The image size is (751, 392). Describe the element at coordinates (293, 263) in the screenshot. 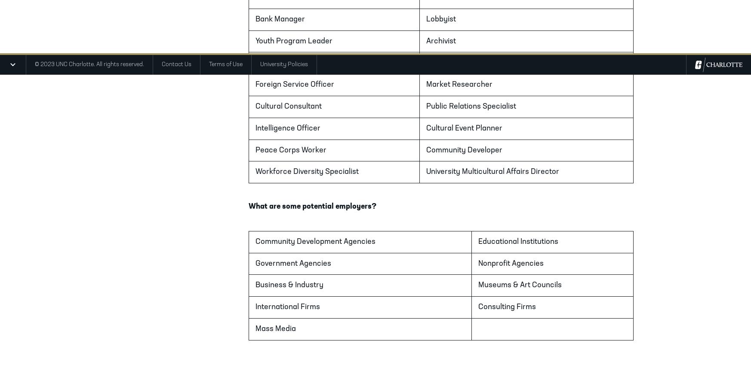

I see `'Government Agencies'` at that location.